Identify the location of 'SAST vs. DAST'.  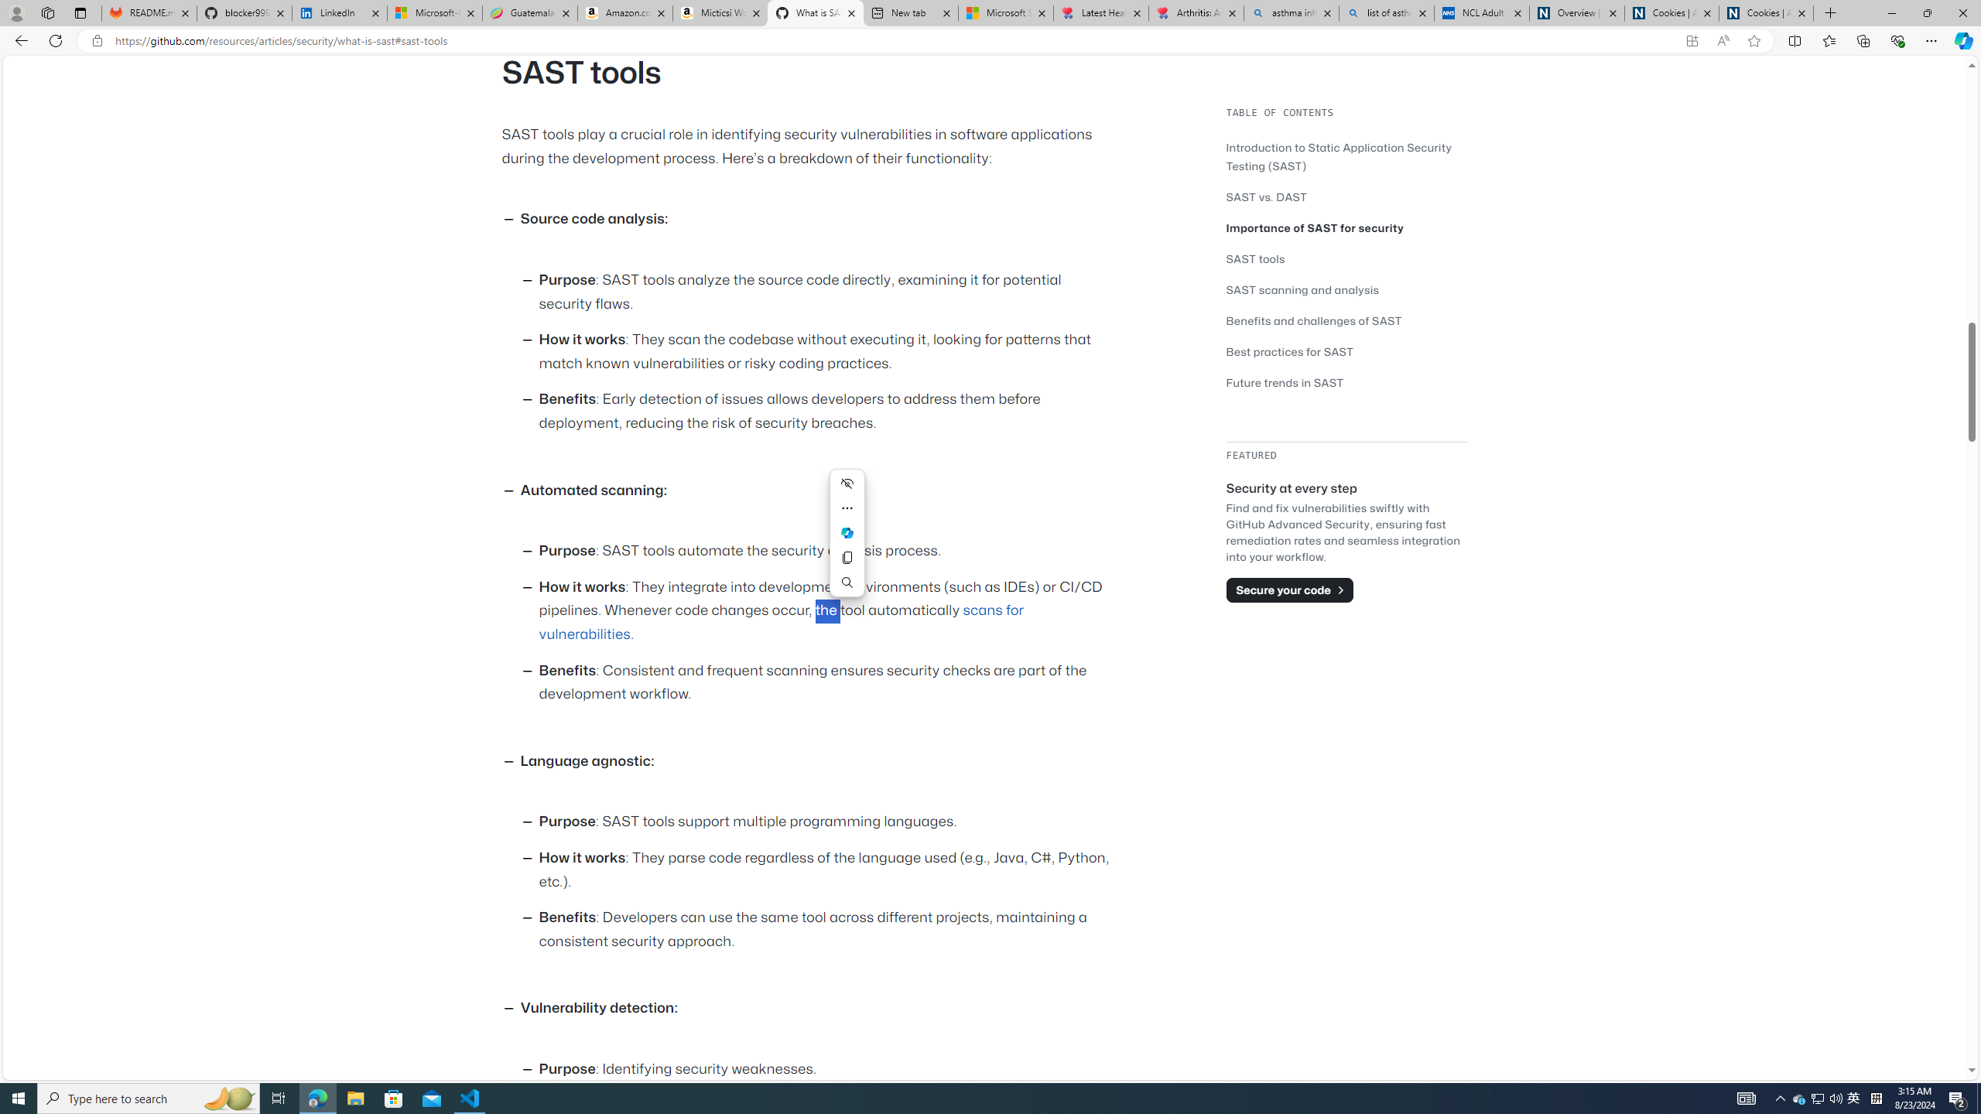
(1346, 196).